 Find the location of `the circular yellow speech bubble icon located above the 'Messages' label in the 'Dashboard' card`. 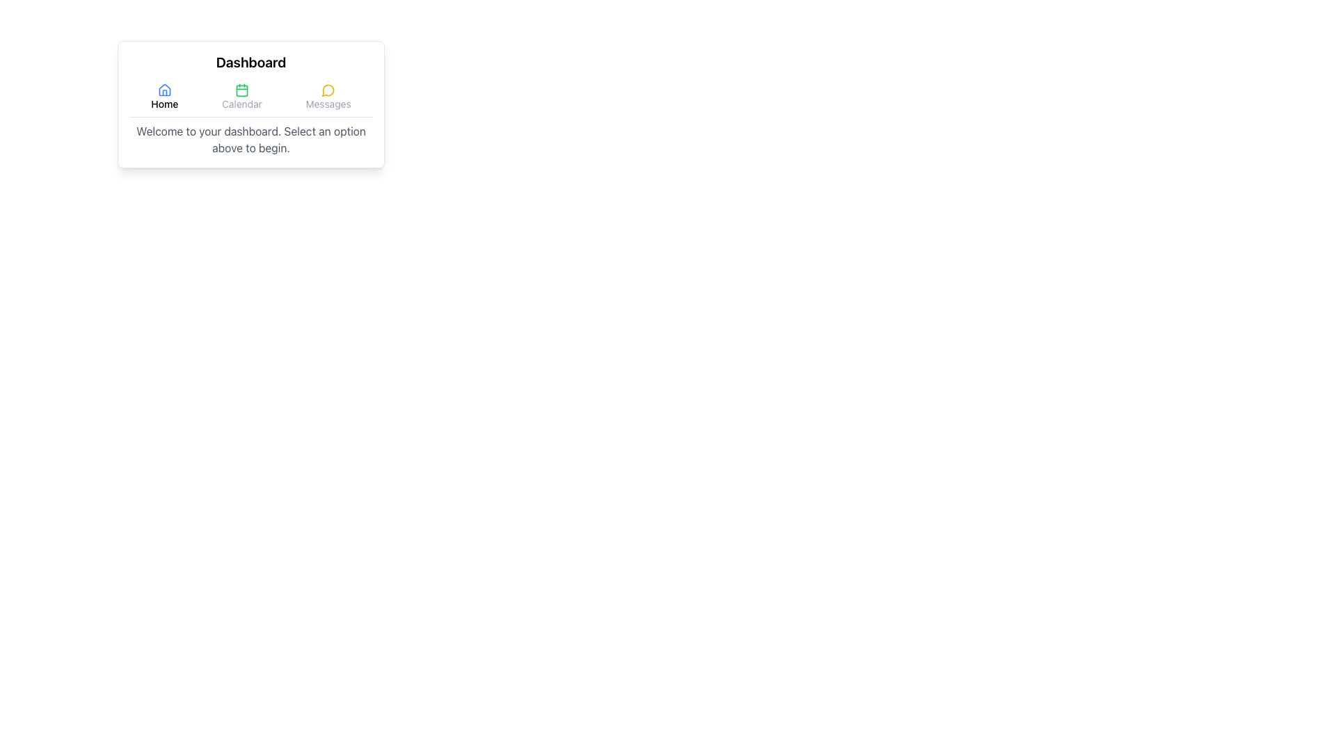

the circular yellow speech bubble icon located above the 'Messages' label in the 'Dashboard' card is located at coordinates (328, 90).